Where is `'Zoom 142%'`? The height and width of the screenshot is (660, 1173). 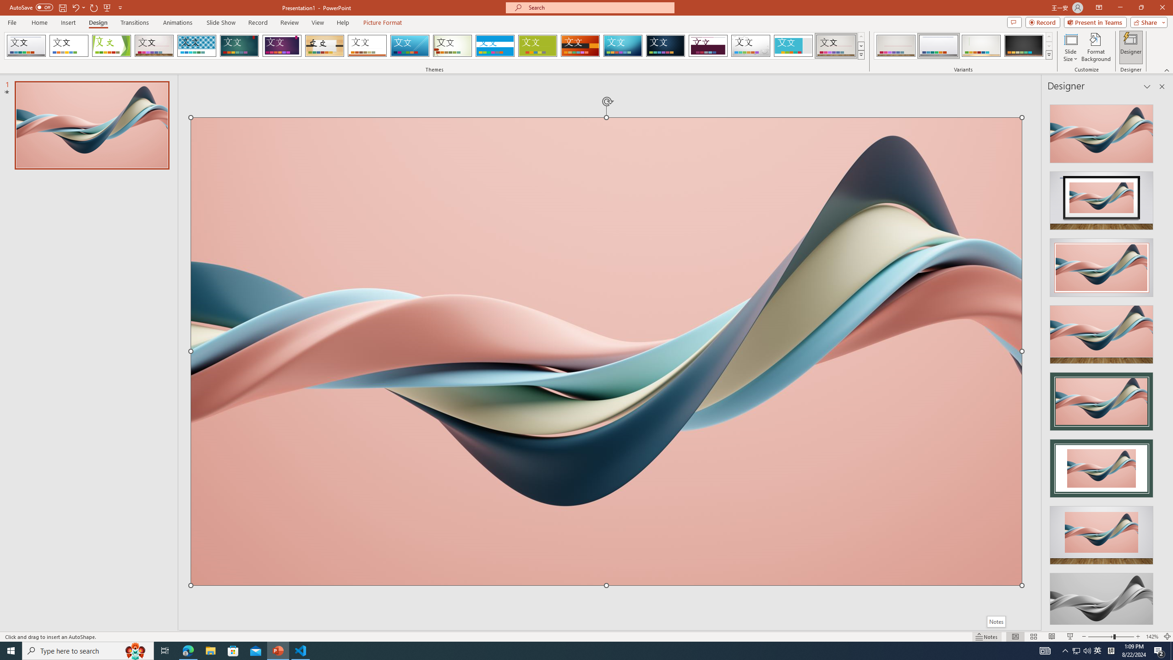 'Zoom 142%' is located at coordinates (1152, 637).